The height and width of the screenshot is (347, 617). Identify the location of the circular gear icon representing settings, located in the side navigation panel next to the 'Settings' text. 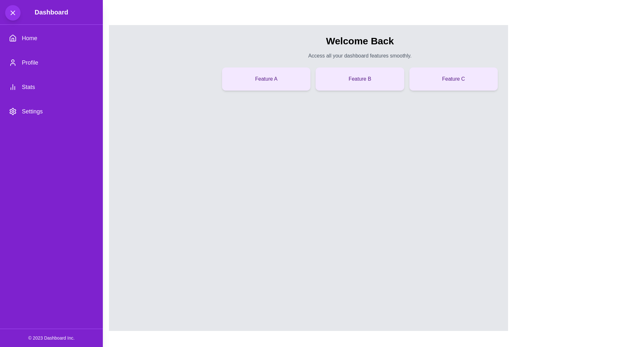
(13, 111).